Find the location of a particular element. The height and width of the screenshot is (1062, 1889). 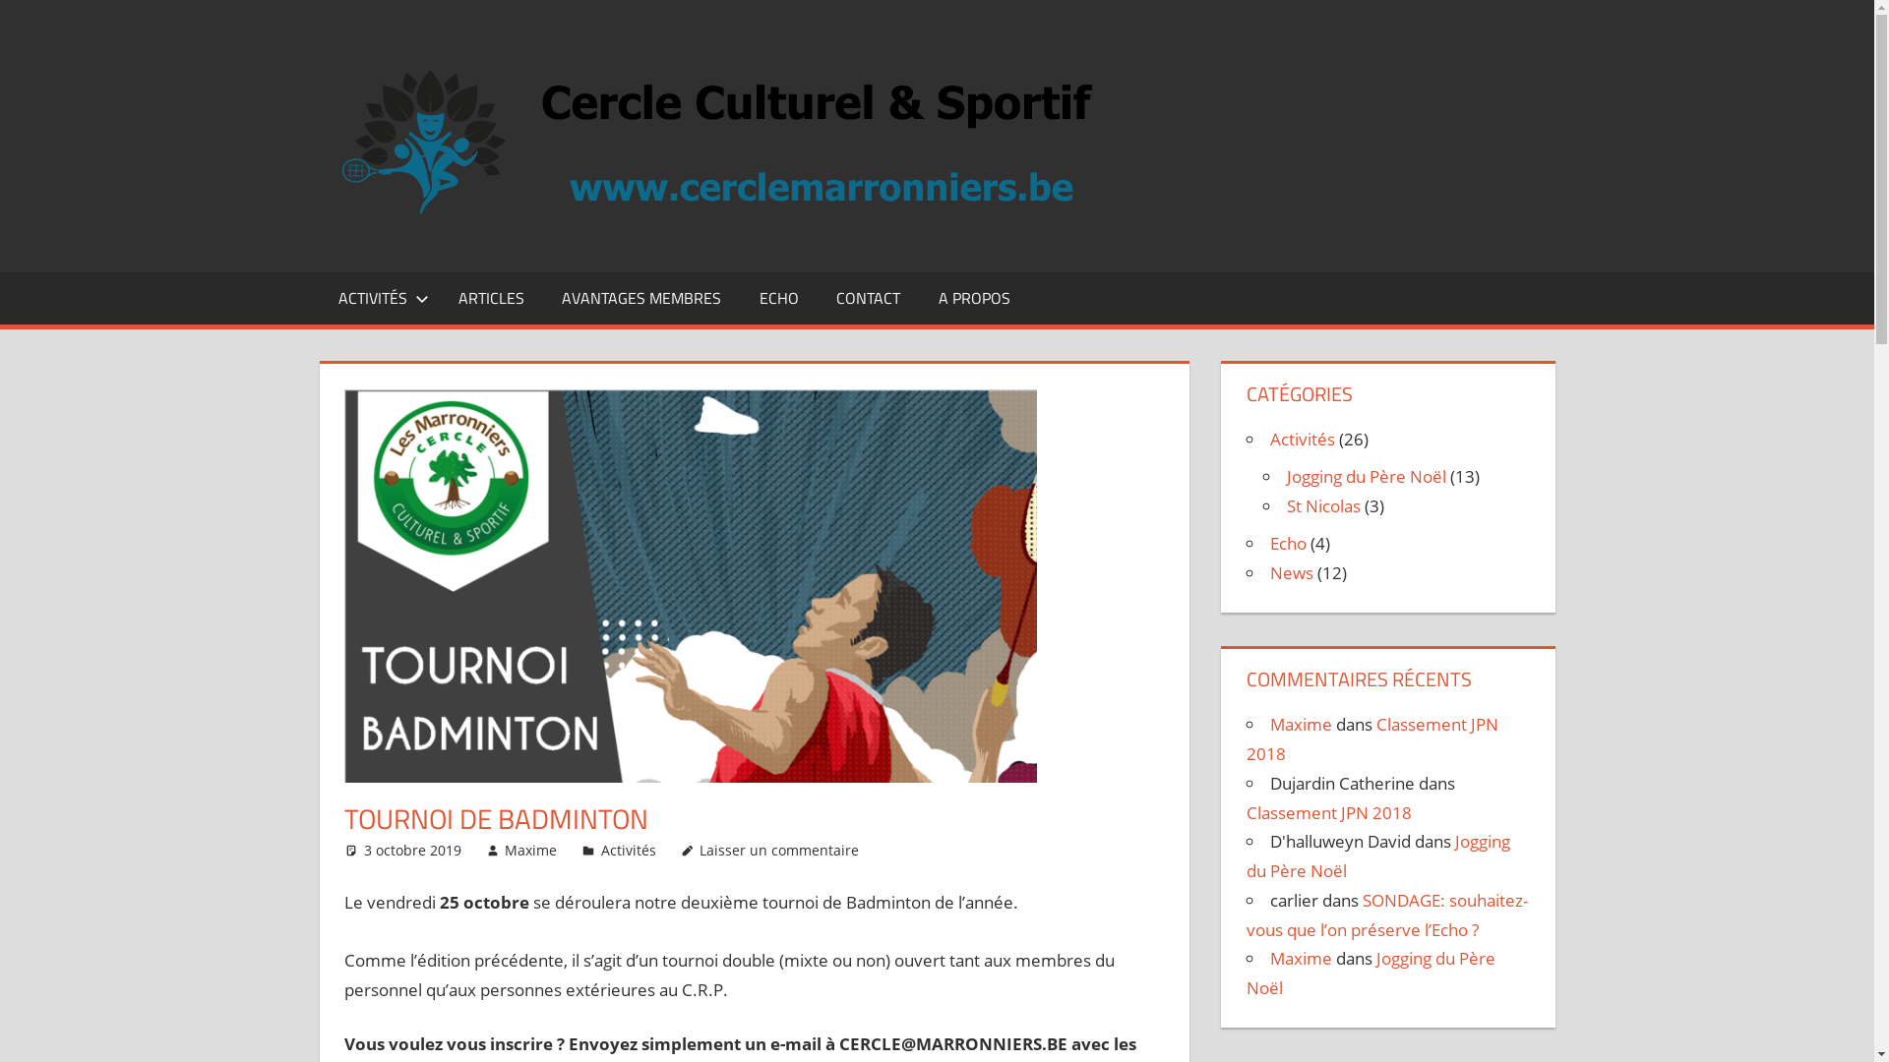

'News' is located at coordinates (1292, 572).